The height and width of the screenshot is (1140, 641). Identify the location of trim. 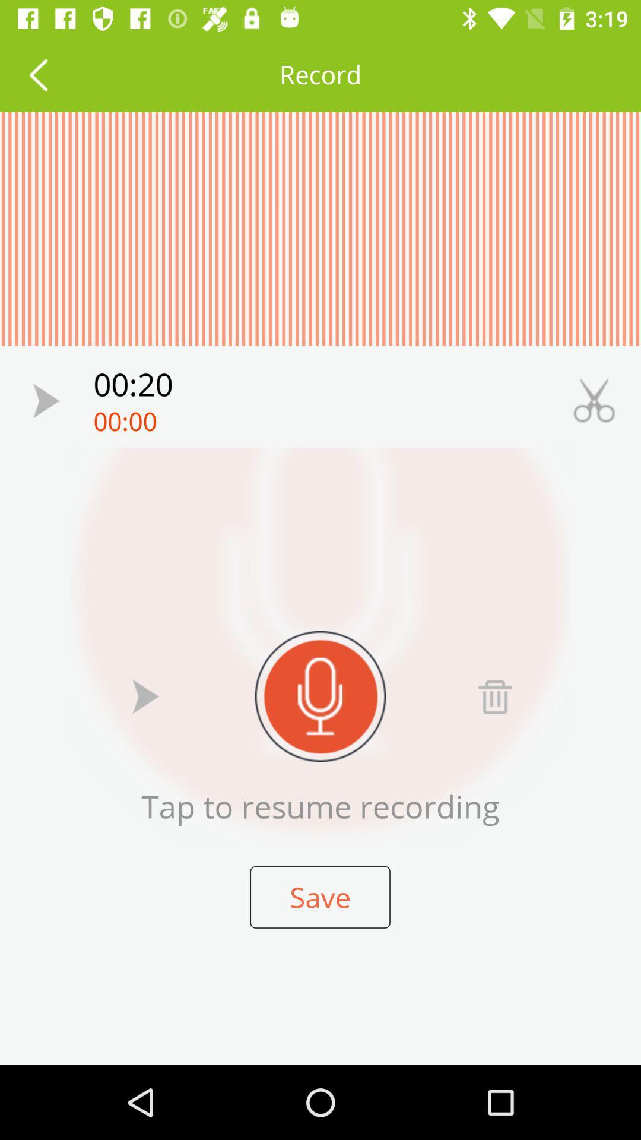
(594, 401).